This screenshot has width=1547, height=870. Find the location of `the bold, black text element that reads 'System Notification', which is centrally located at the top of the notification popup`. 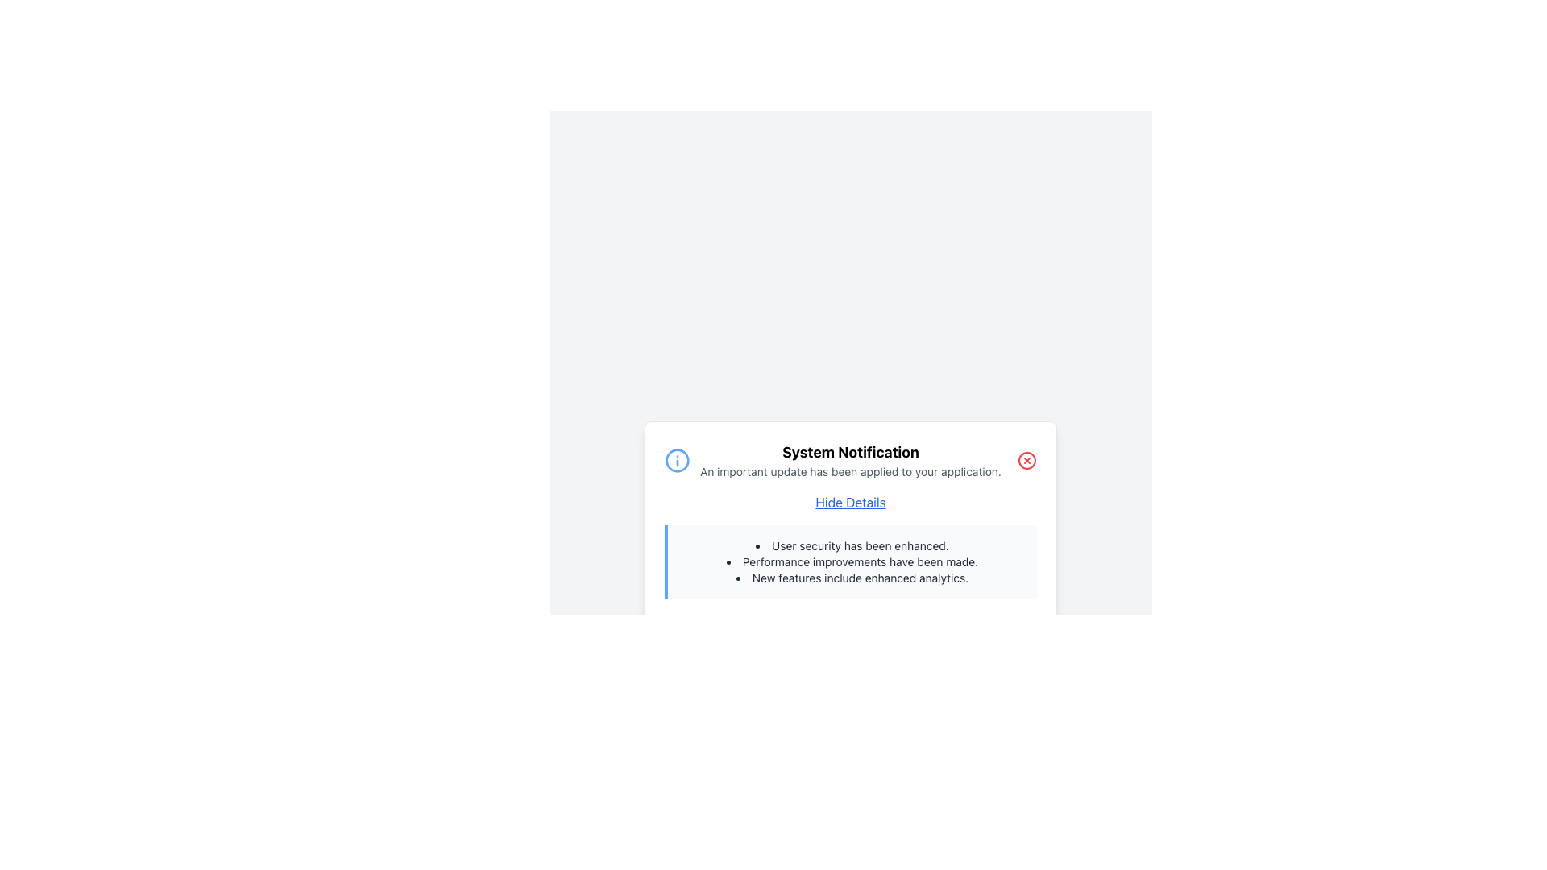

the bold, black text element that reads 'System Notification', which is centrally located at the top of the notification popup is located at coordinates (850, 453).